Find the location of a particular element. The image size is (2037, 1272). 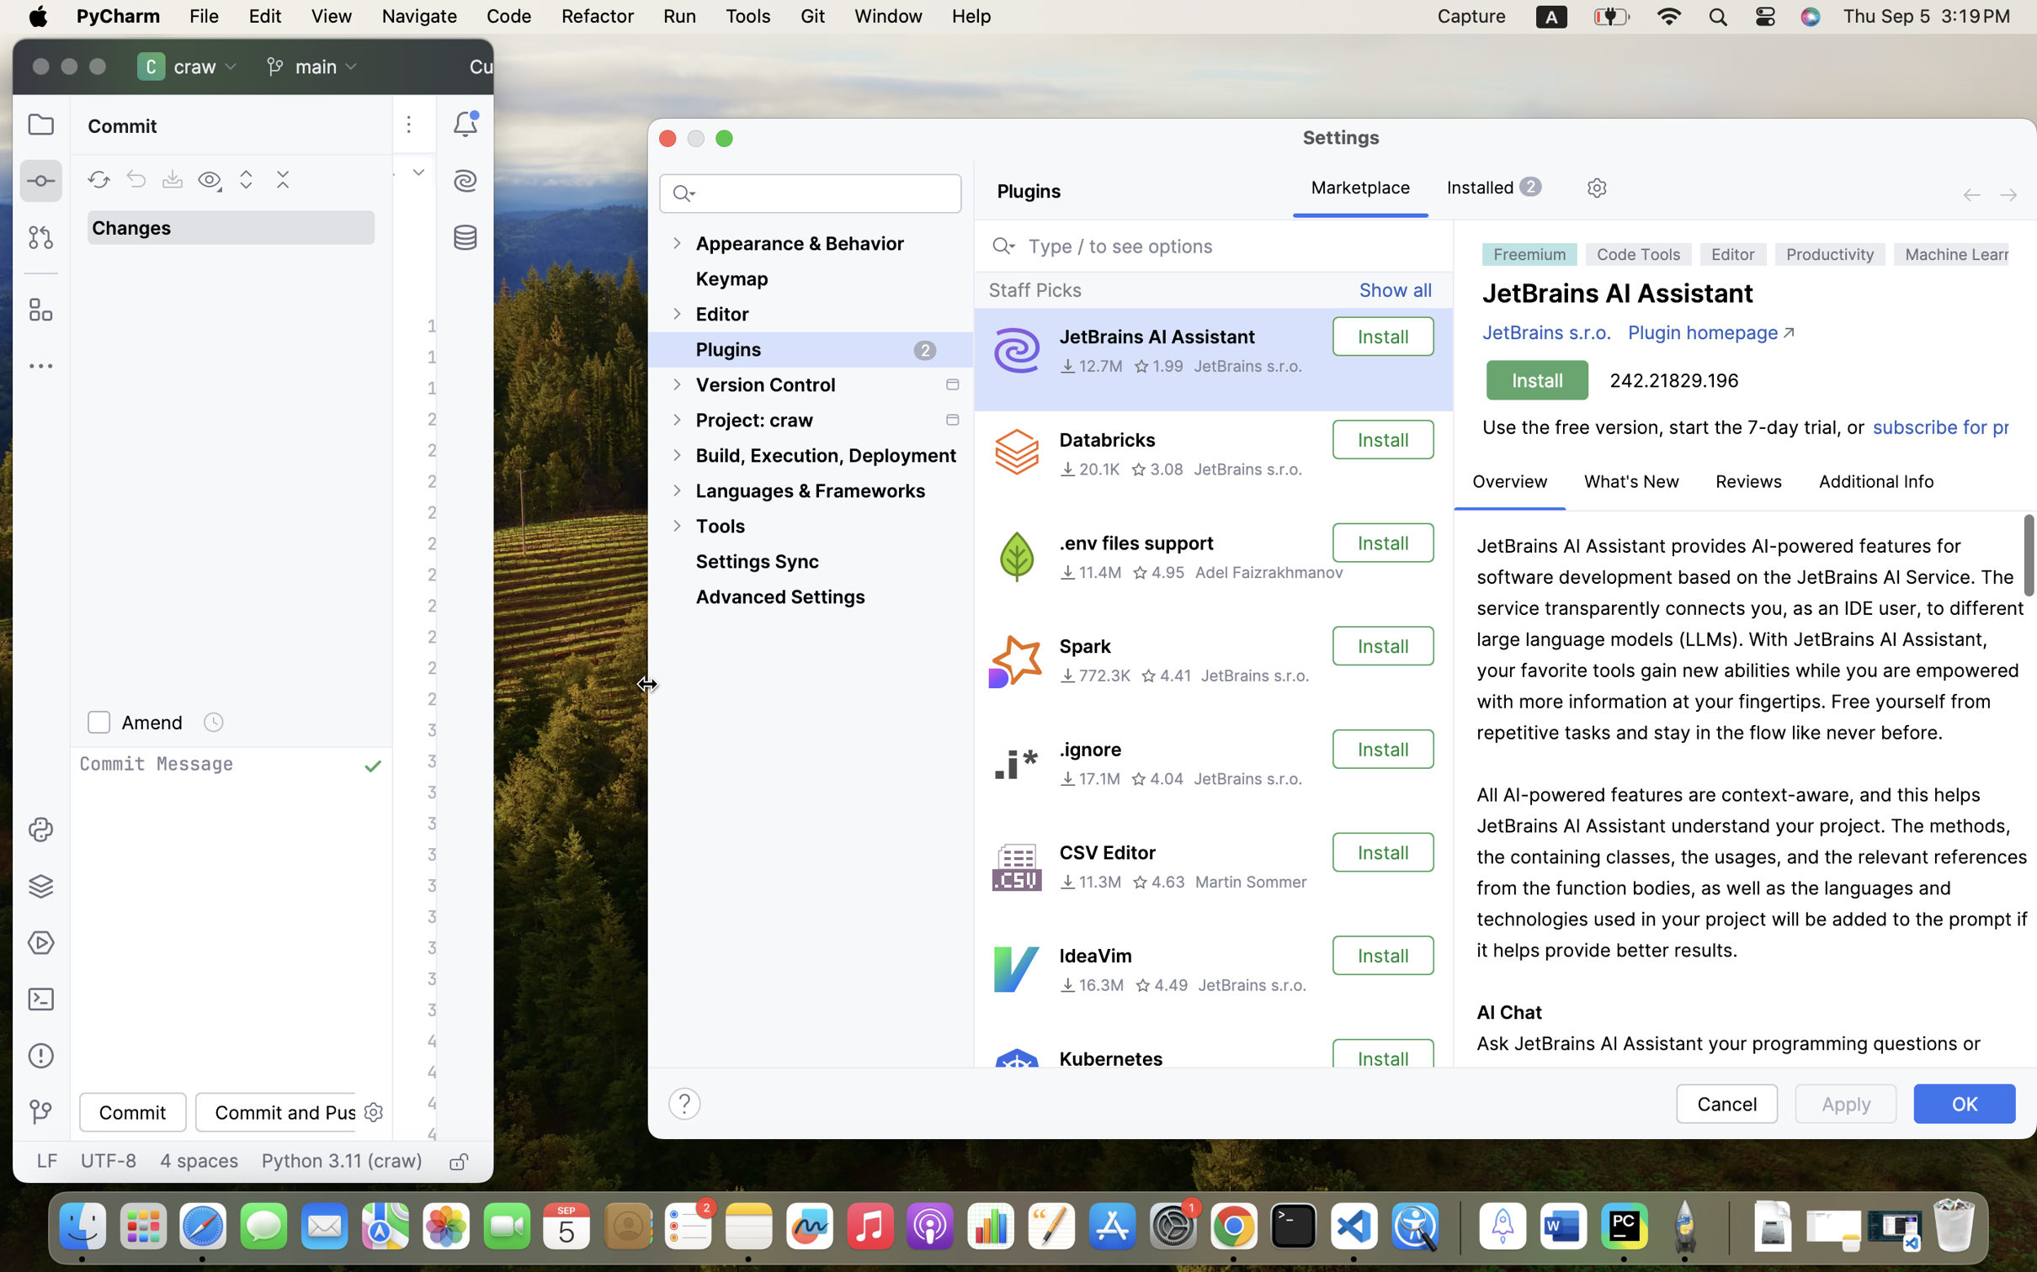

'.ignore' is located at coordinates (1089, 749).